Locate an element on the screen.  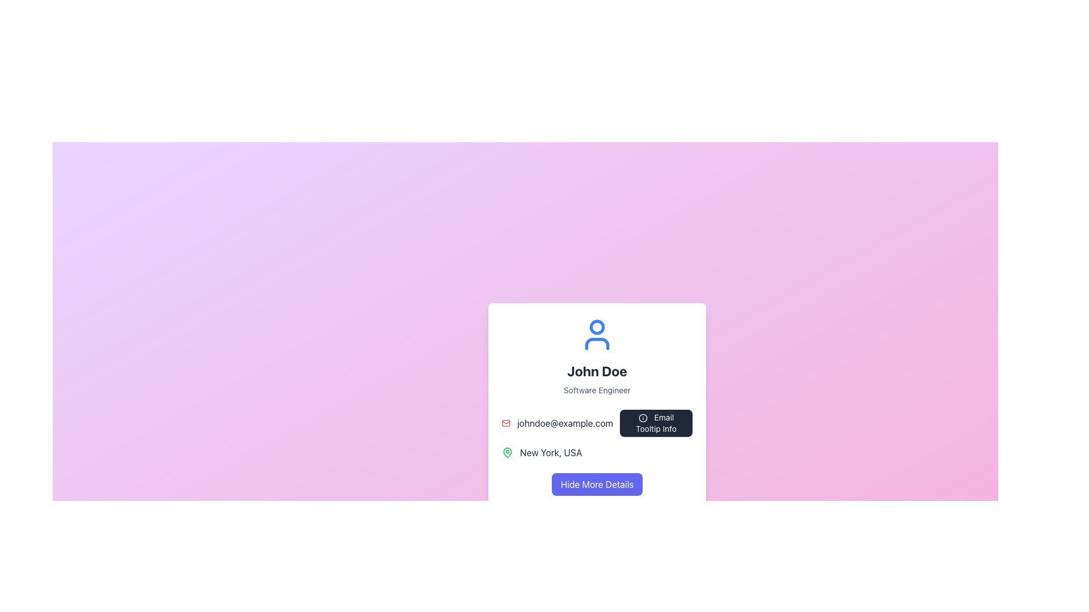
the text displaying the email address 'johndoe@example.com' in black by clicking on it is located at coordinates (596, 423).